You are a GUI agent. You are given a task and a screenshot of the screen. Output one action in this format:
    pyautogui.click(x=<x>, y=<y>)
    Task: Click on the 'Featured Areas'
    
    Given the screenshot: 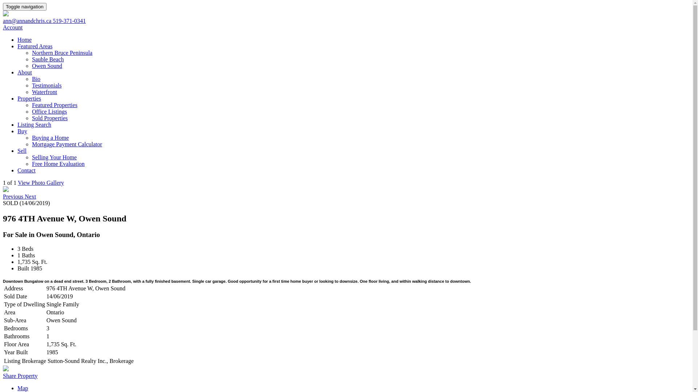 What is the action you would take?
    pyautogui.click(x=35, y=46)
    